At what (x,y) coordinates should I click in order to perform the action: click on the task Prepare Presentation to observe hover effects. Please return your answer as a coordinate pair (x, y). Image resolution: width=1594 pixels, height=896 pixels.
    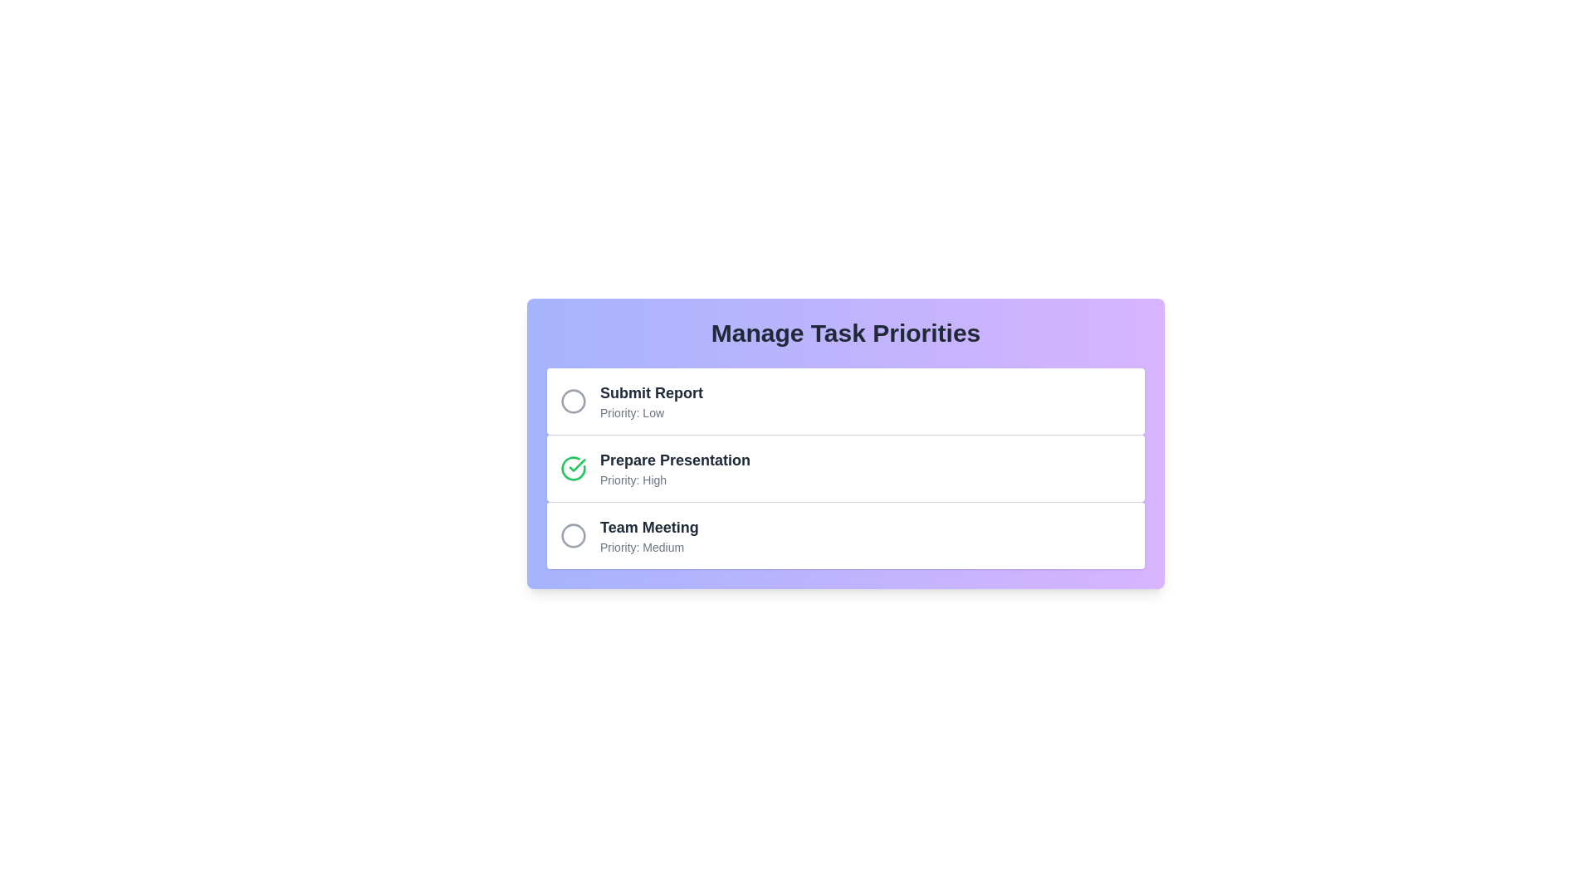
    Looking at the image, I should click on (574, 468).